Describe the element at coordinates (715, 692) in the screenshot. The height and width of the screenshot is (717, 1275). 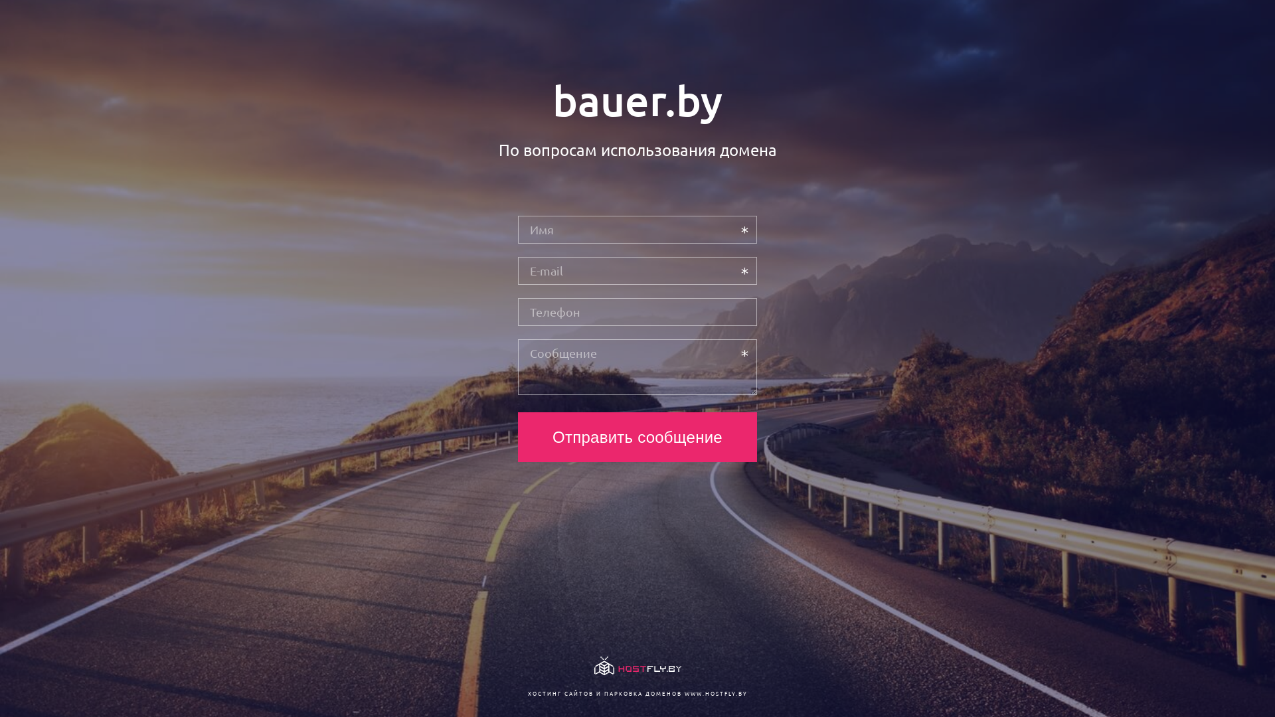
I see `'WWW.HOSTFLY.BY'` at that location.